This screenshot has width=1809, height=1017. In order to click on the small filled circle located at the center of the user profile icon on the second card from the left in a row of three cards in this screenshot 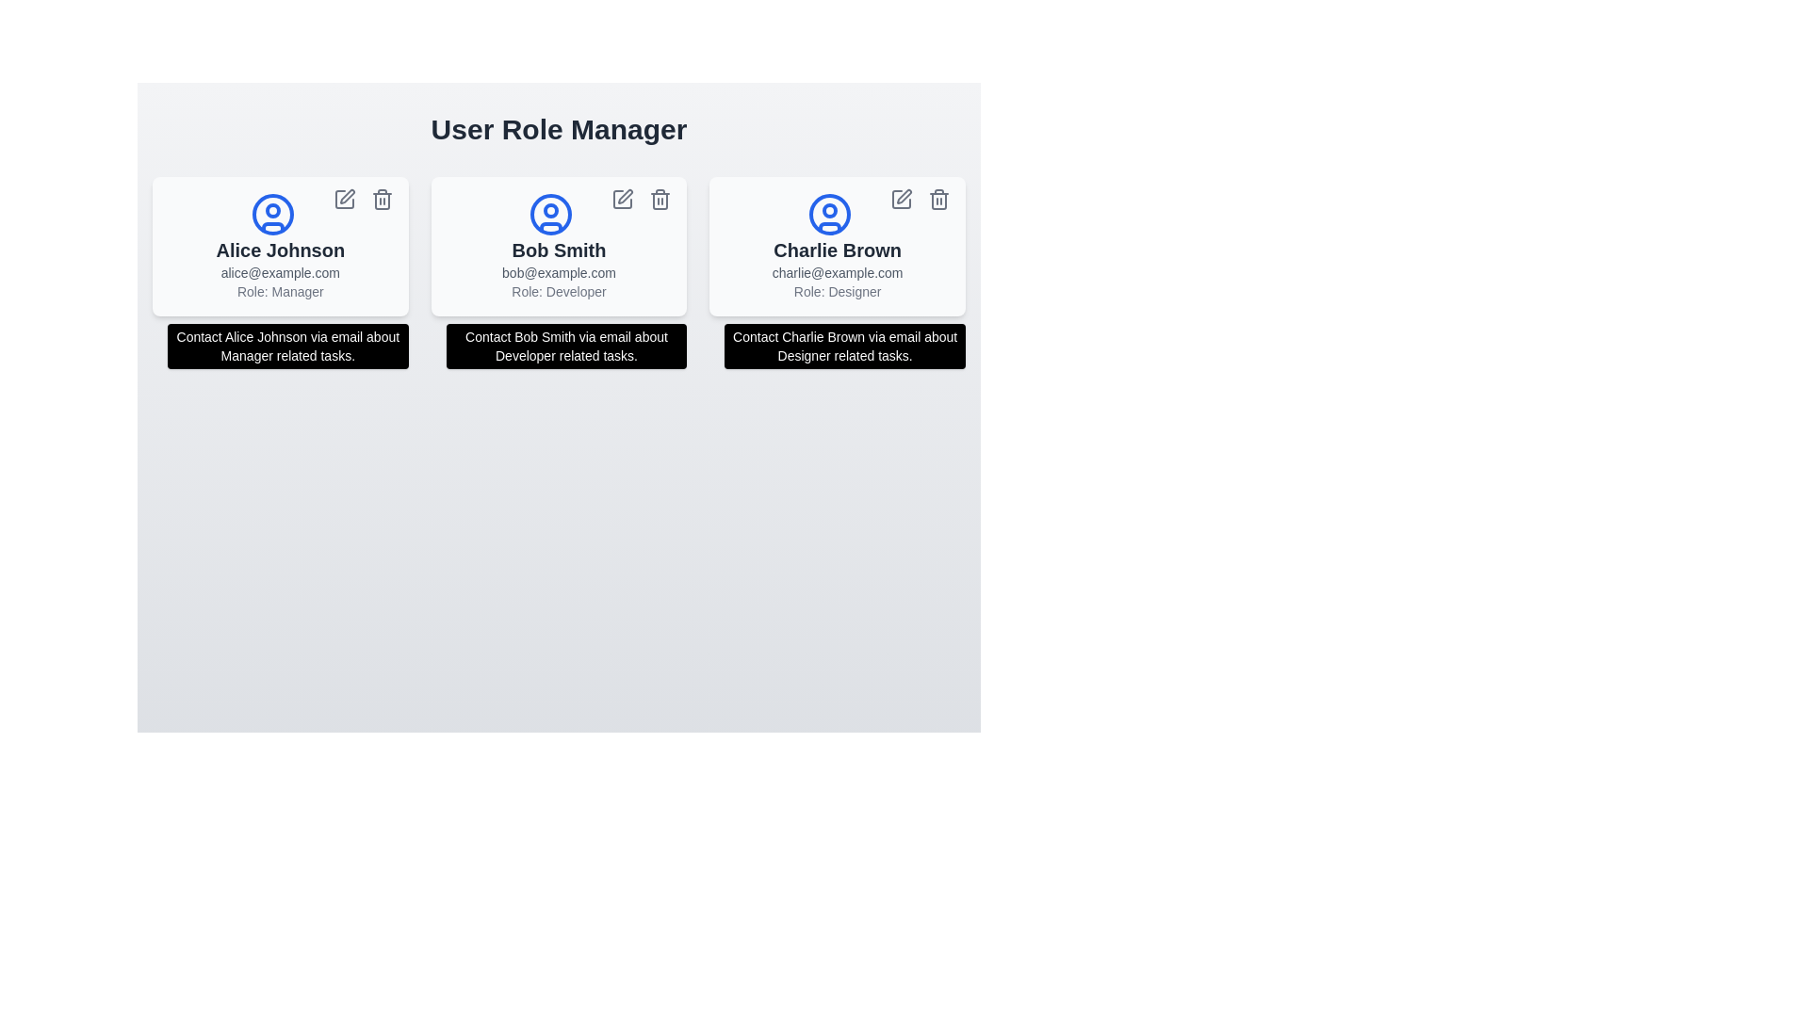, I will do `click(550, 210)`.